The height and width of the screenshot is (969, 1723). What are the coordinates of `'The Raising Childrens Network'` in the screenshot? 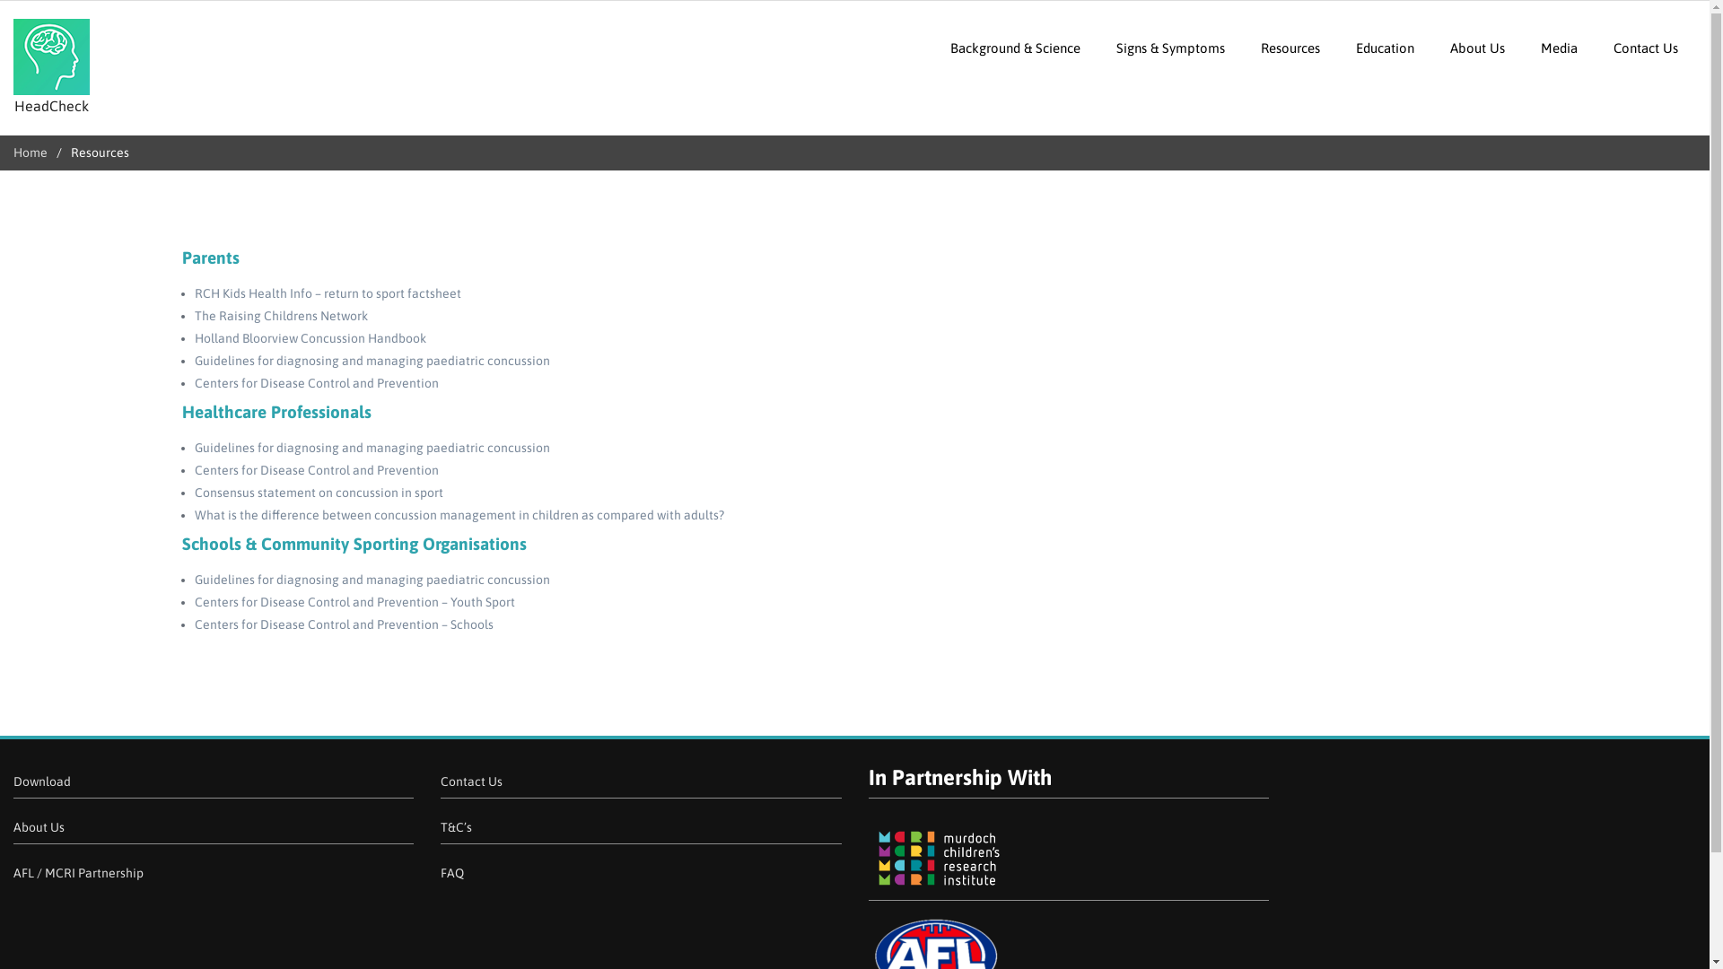 It's located at (194, 314).